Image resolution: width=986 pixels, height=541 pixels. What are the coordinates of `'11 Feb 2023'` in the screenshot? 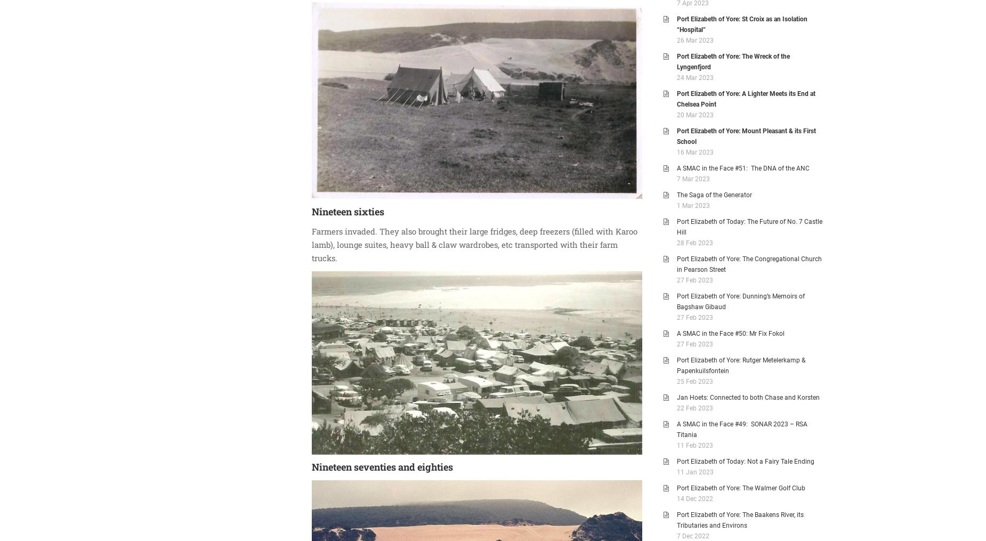 It's located at (694, 445).